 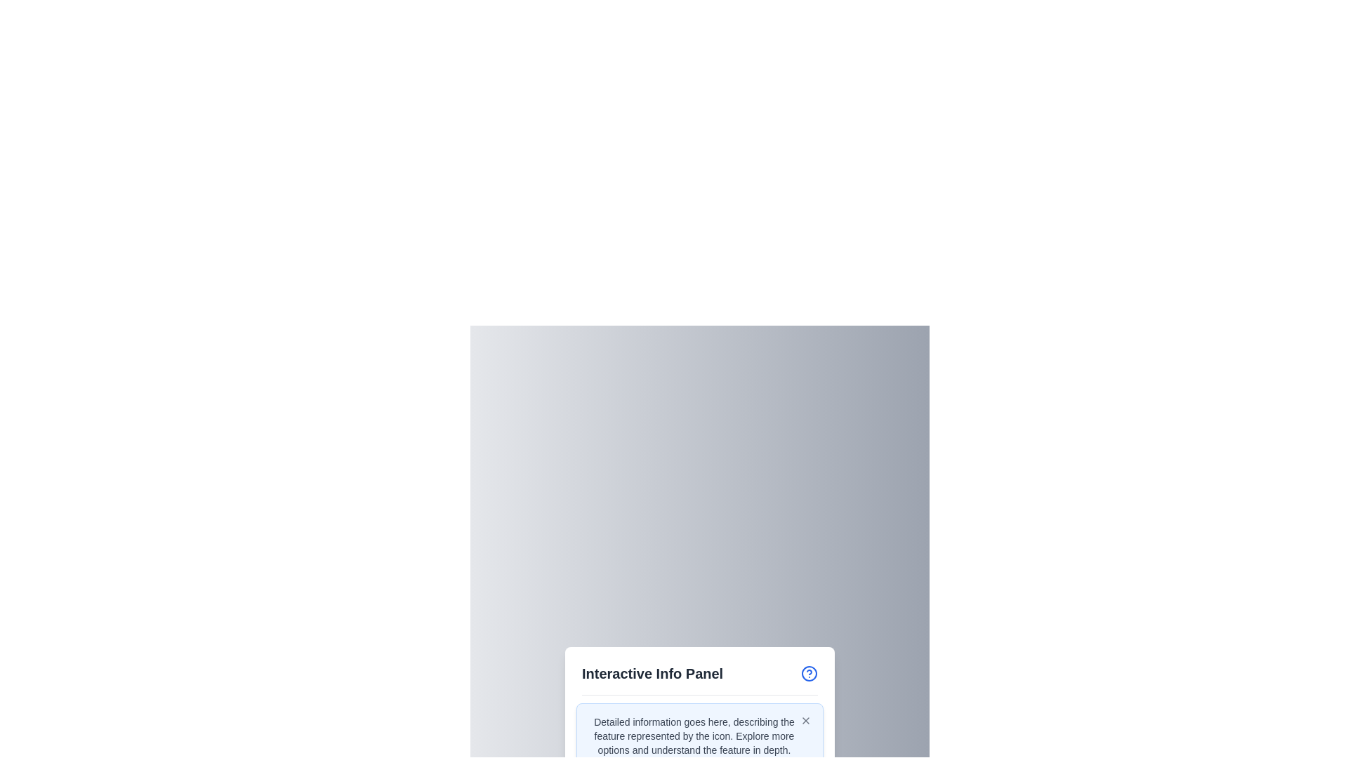 What do you see at coordinates (809, 672) in the screenshot?
I see `the circular shape with a blue outline and white fill that forms the main outline of the question mark icon in the top-right corner of the Interactive Info Panel` at bounding box center [809, 672].